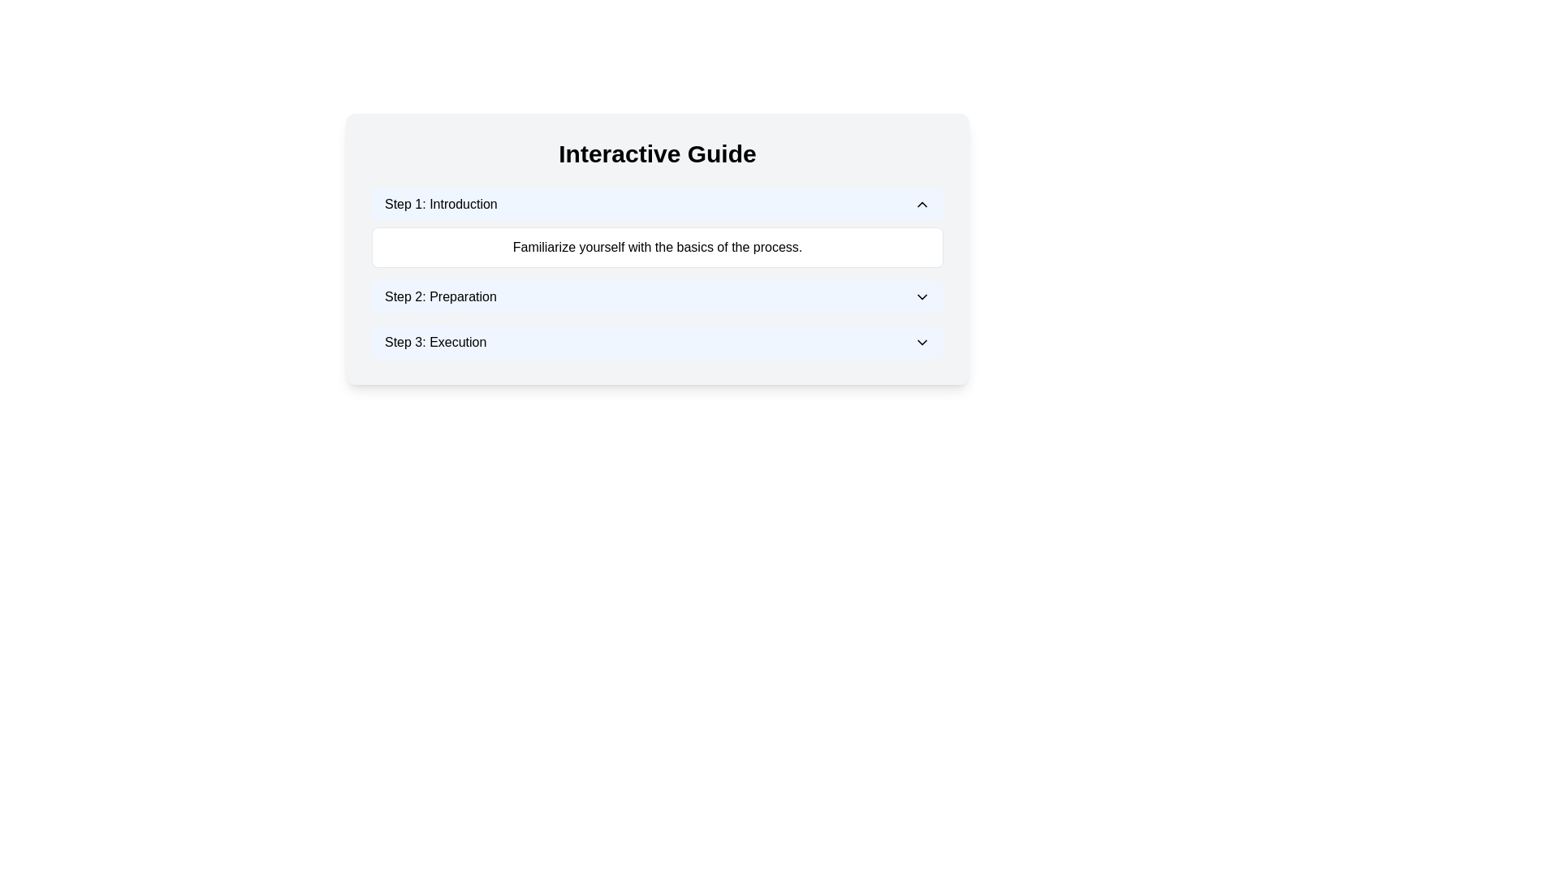 The image size is (1559, 877). What do you see at coordinates (658, 272) in the screenshot?
I see `the second item in the vertical list of steps in the Interactive Guide, which is centrally positioned with a light-colored background` at bounding box center [658, 272].